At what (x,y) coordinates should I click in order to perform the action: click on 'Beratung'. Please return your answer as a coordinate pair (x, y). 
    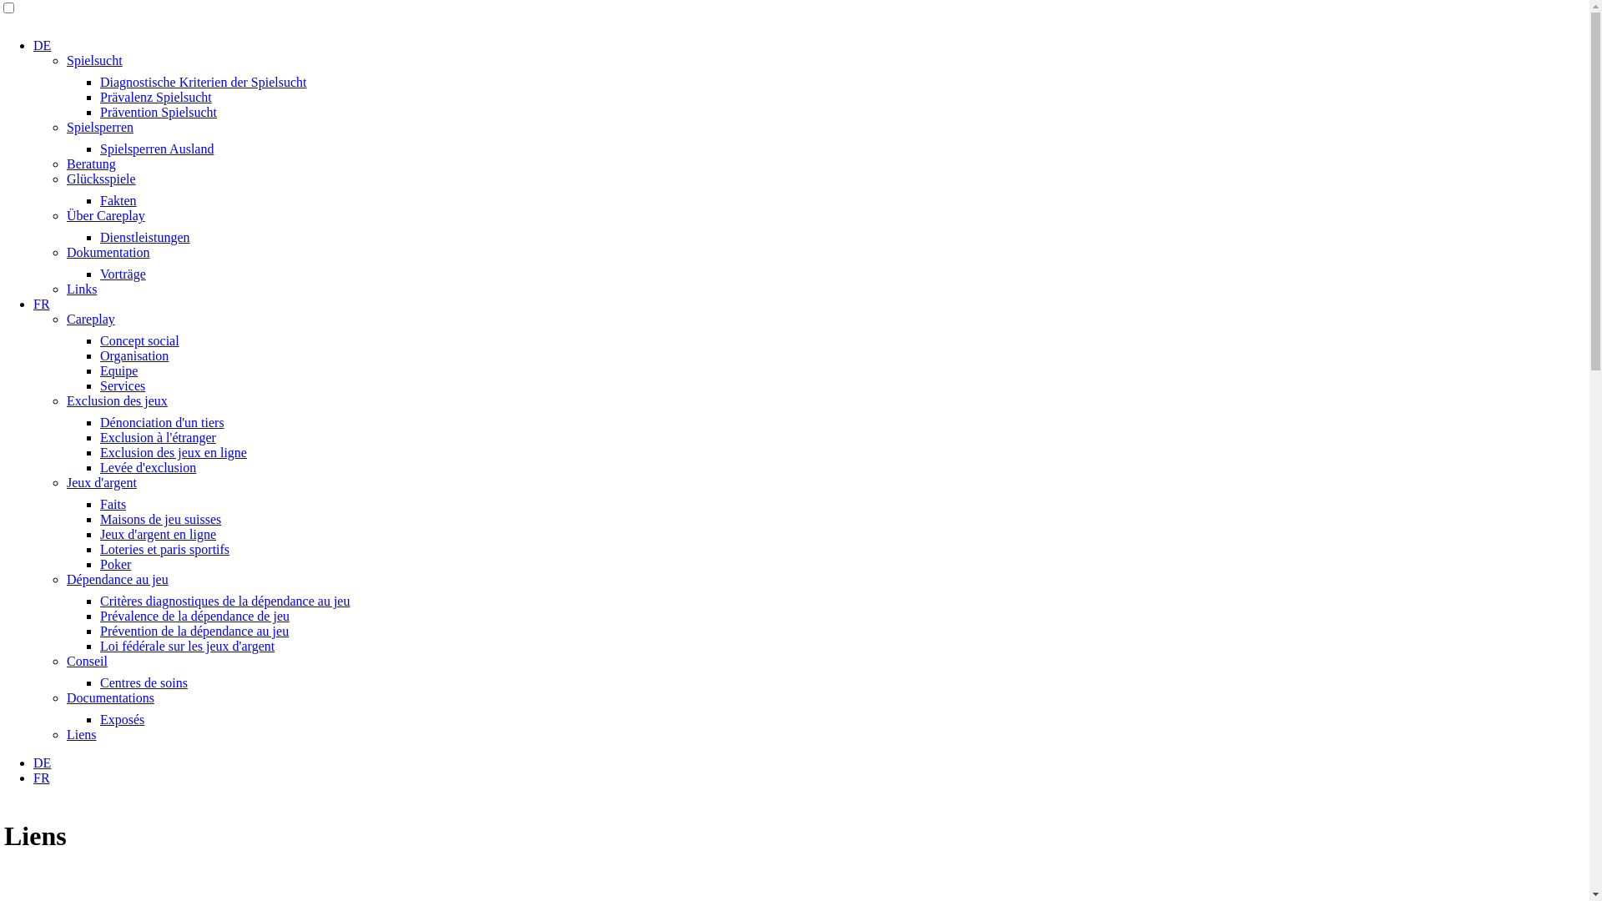
    Looking at the image, I should click on (90, 164).